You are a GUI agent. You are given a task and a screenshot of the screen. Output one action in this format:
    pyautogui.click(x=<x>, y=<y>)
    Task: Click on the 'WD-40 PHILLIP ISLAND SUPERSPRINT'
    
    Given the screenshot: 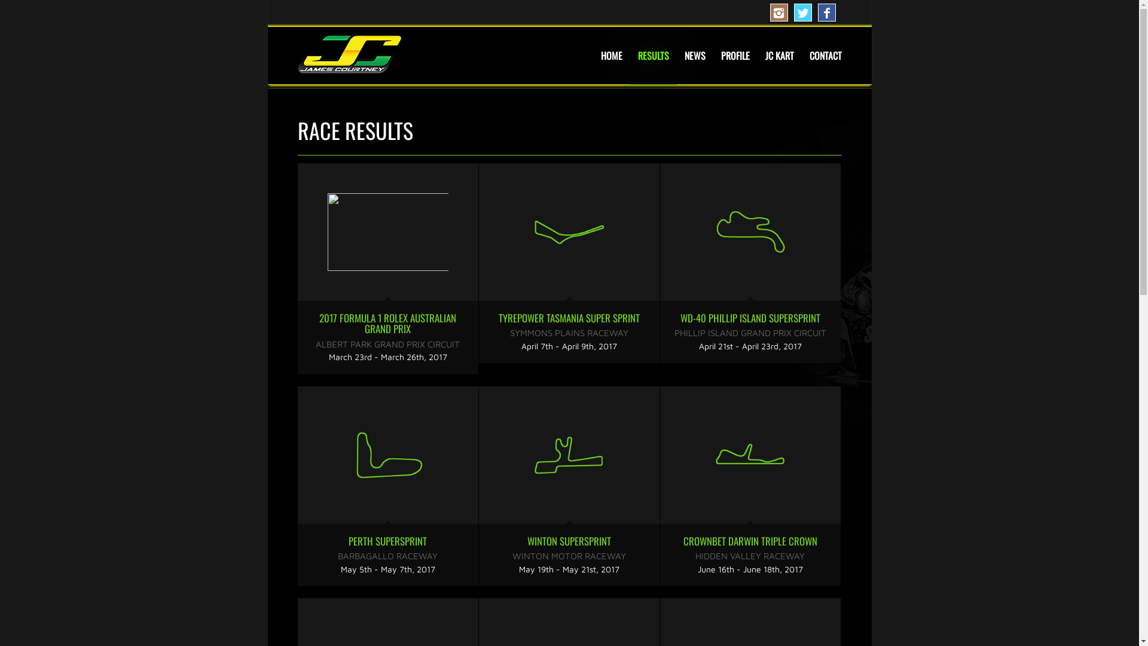 What is the action you would take?
    pyautogui.click(x=749, y=317)
    